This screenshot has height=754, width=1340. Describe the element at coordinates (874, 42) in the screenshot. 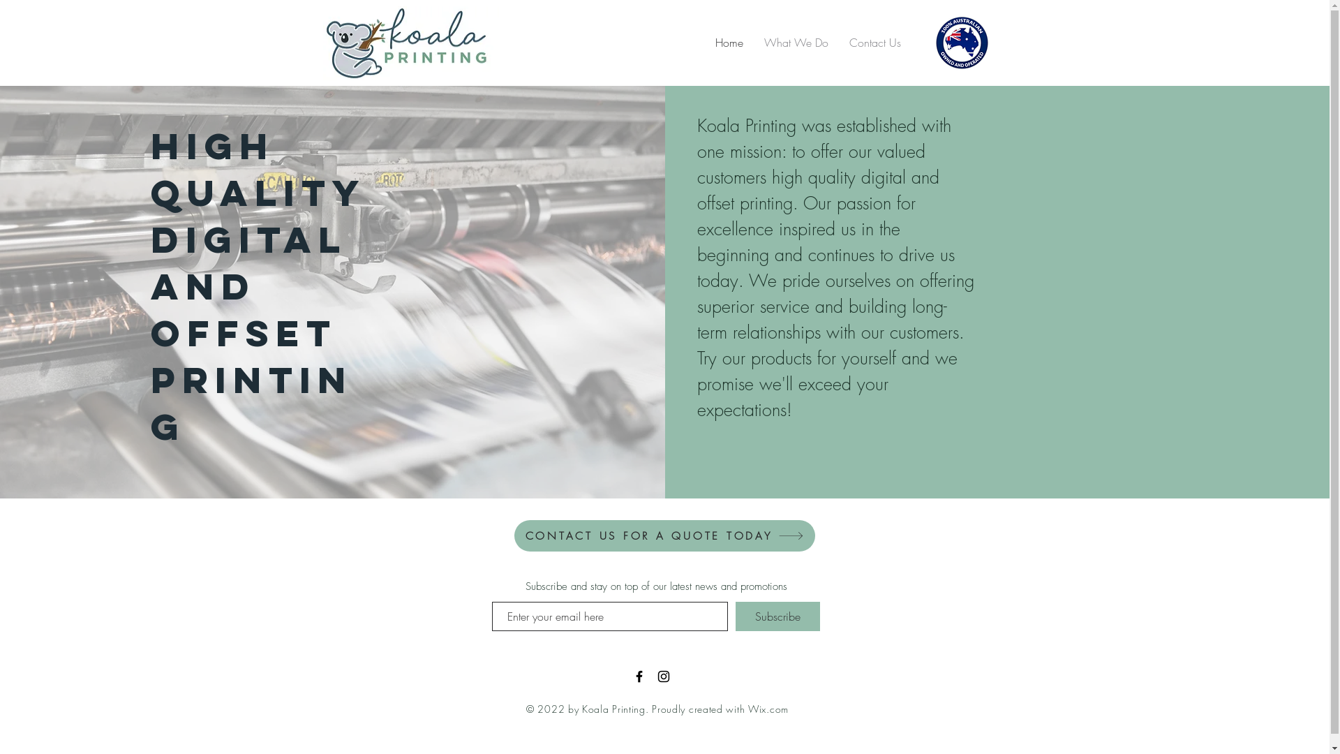

I see `'Contact Us'` at that location.